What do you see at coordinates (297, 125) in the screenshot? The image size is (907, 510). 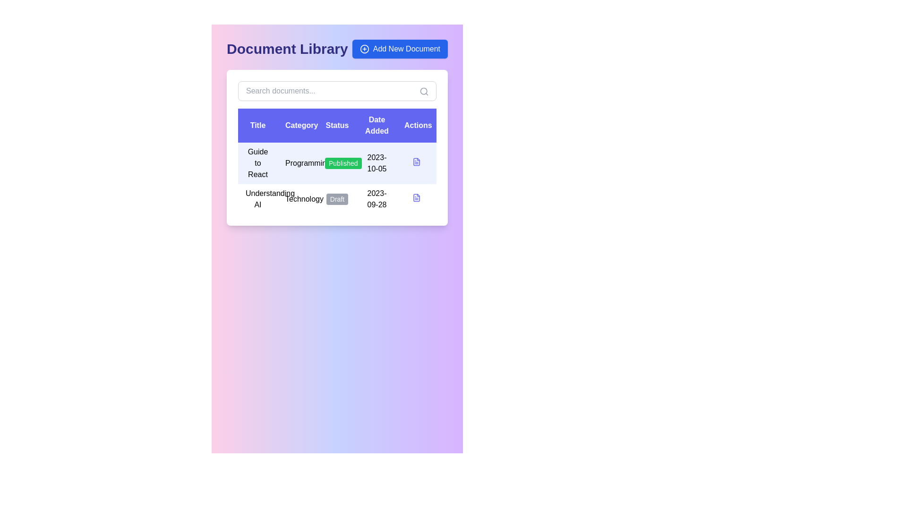 I see `the Table Header Label indicating 'Category' in the tabular display, positioned between 'Title' and 'Status'` at bounding box center [297, 125].